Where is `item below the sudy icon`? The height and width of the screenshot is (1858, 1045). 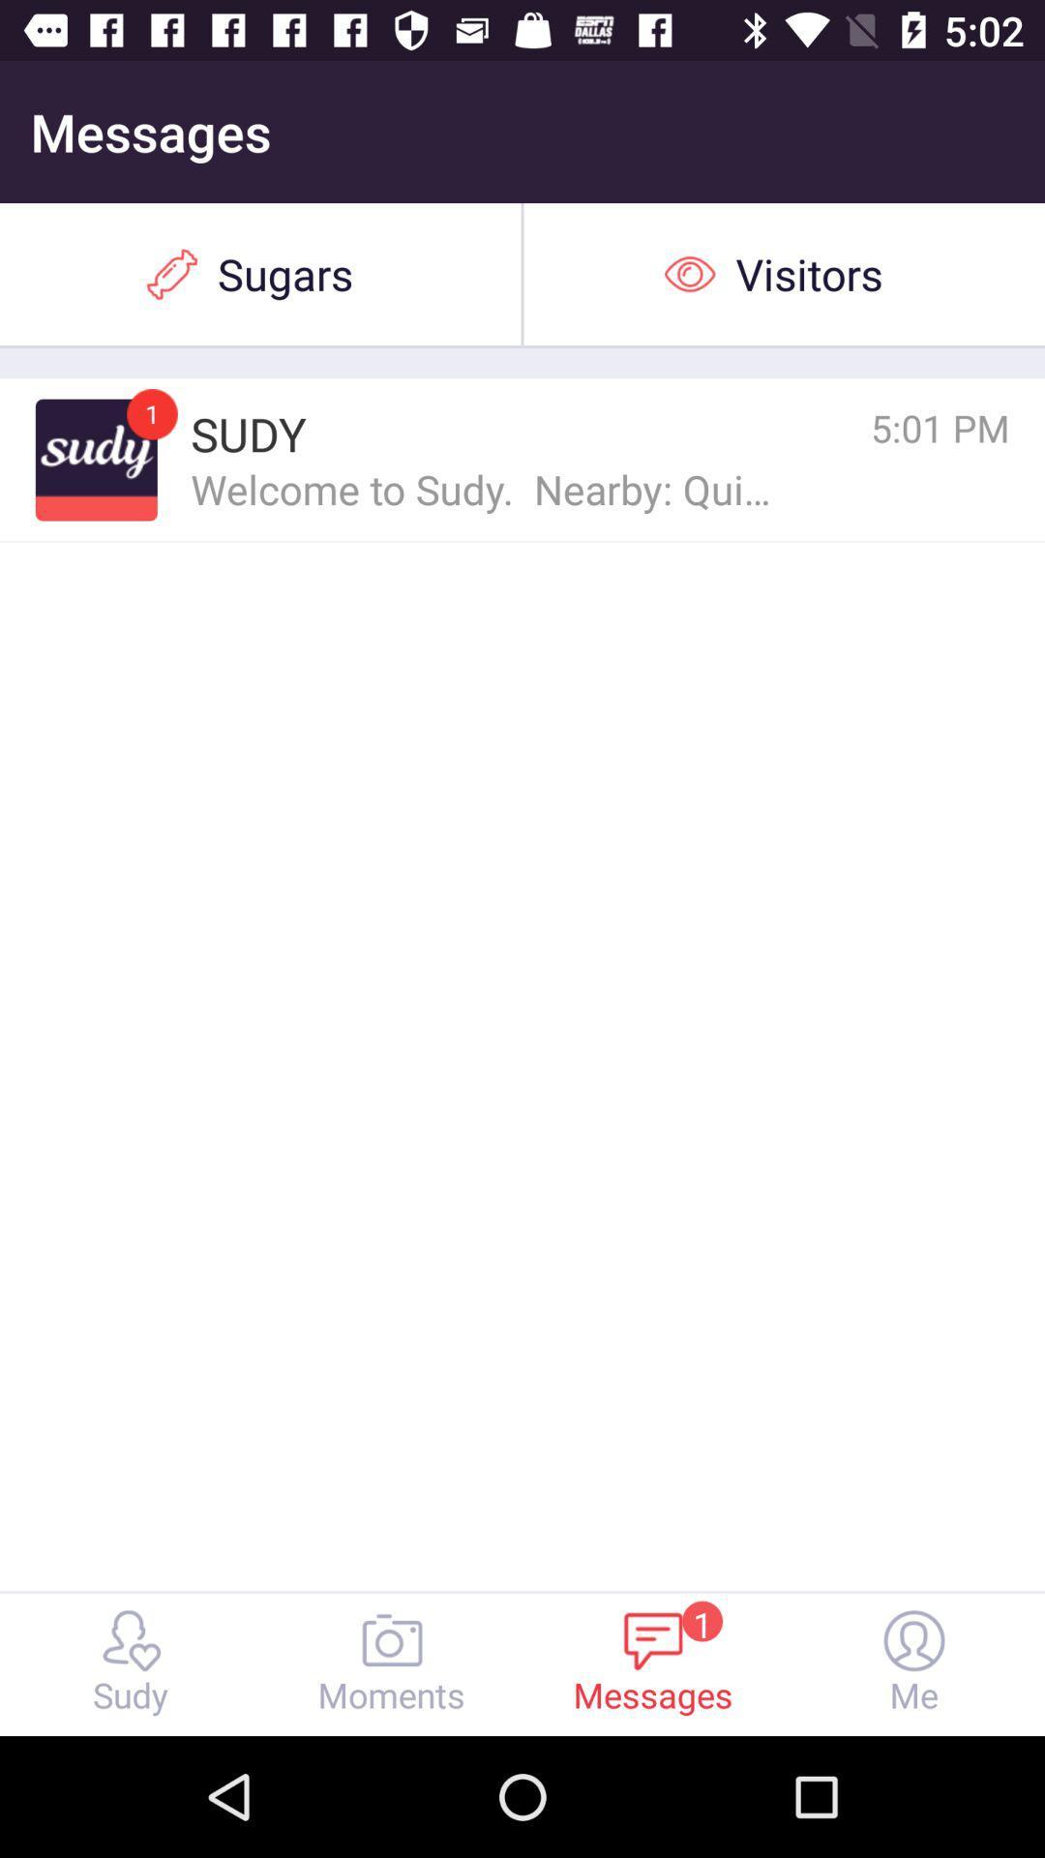
item below the sudy icon is located at coordinates (483, 488).